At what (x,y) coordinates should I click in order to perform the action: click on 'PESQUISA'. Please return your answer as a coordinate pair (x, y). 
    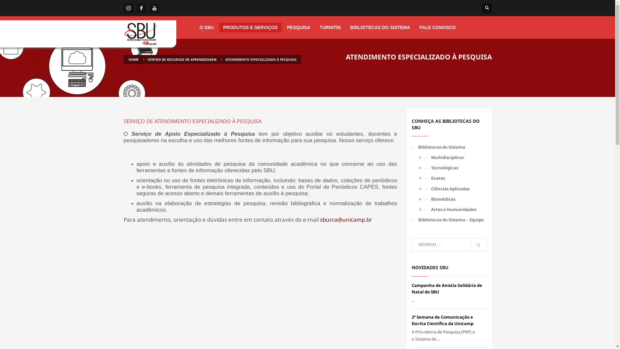
    Looking at the image, I should click on (298, 27).